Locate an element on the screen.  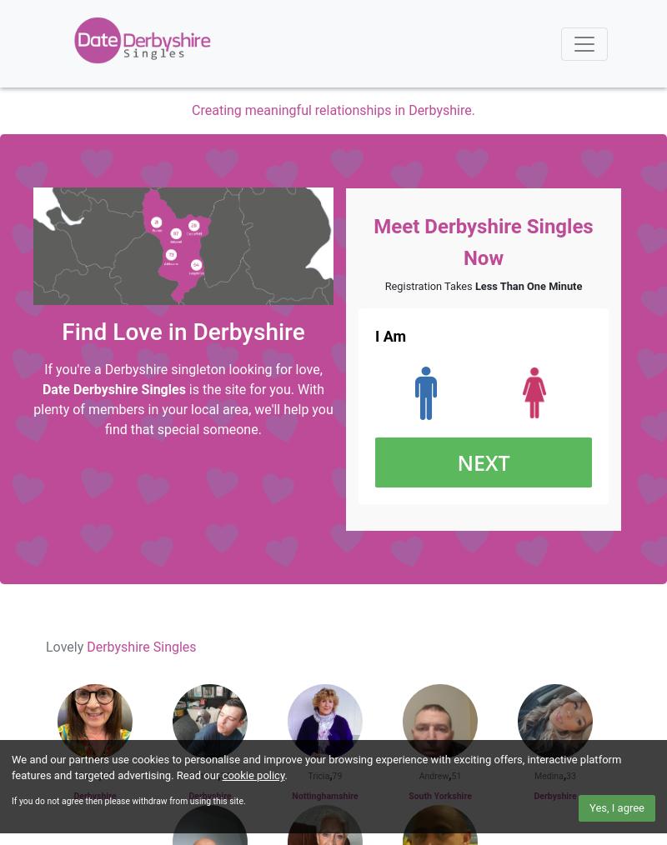
'South Yorkshire' is located at coordinates (439, 795).